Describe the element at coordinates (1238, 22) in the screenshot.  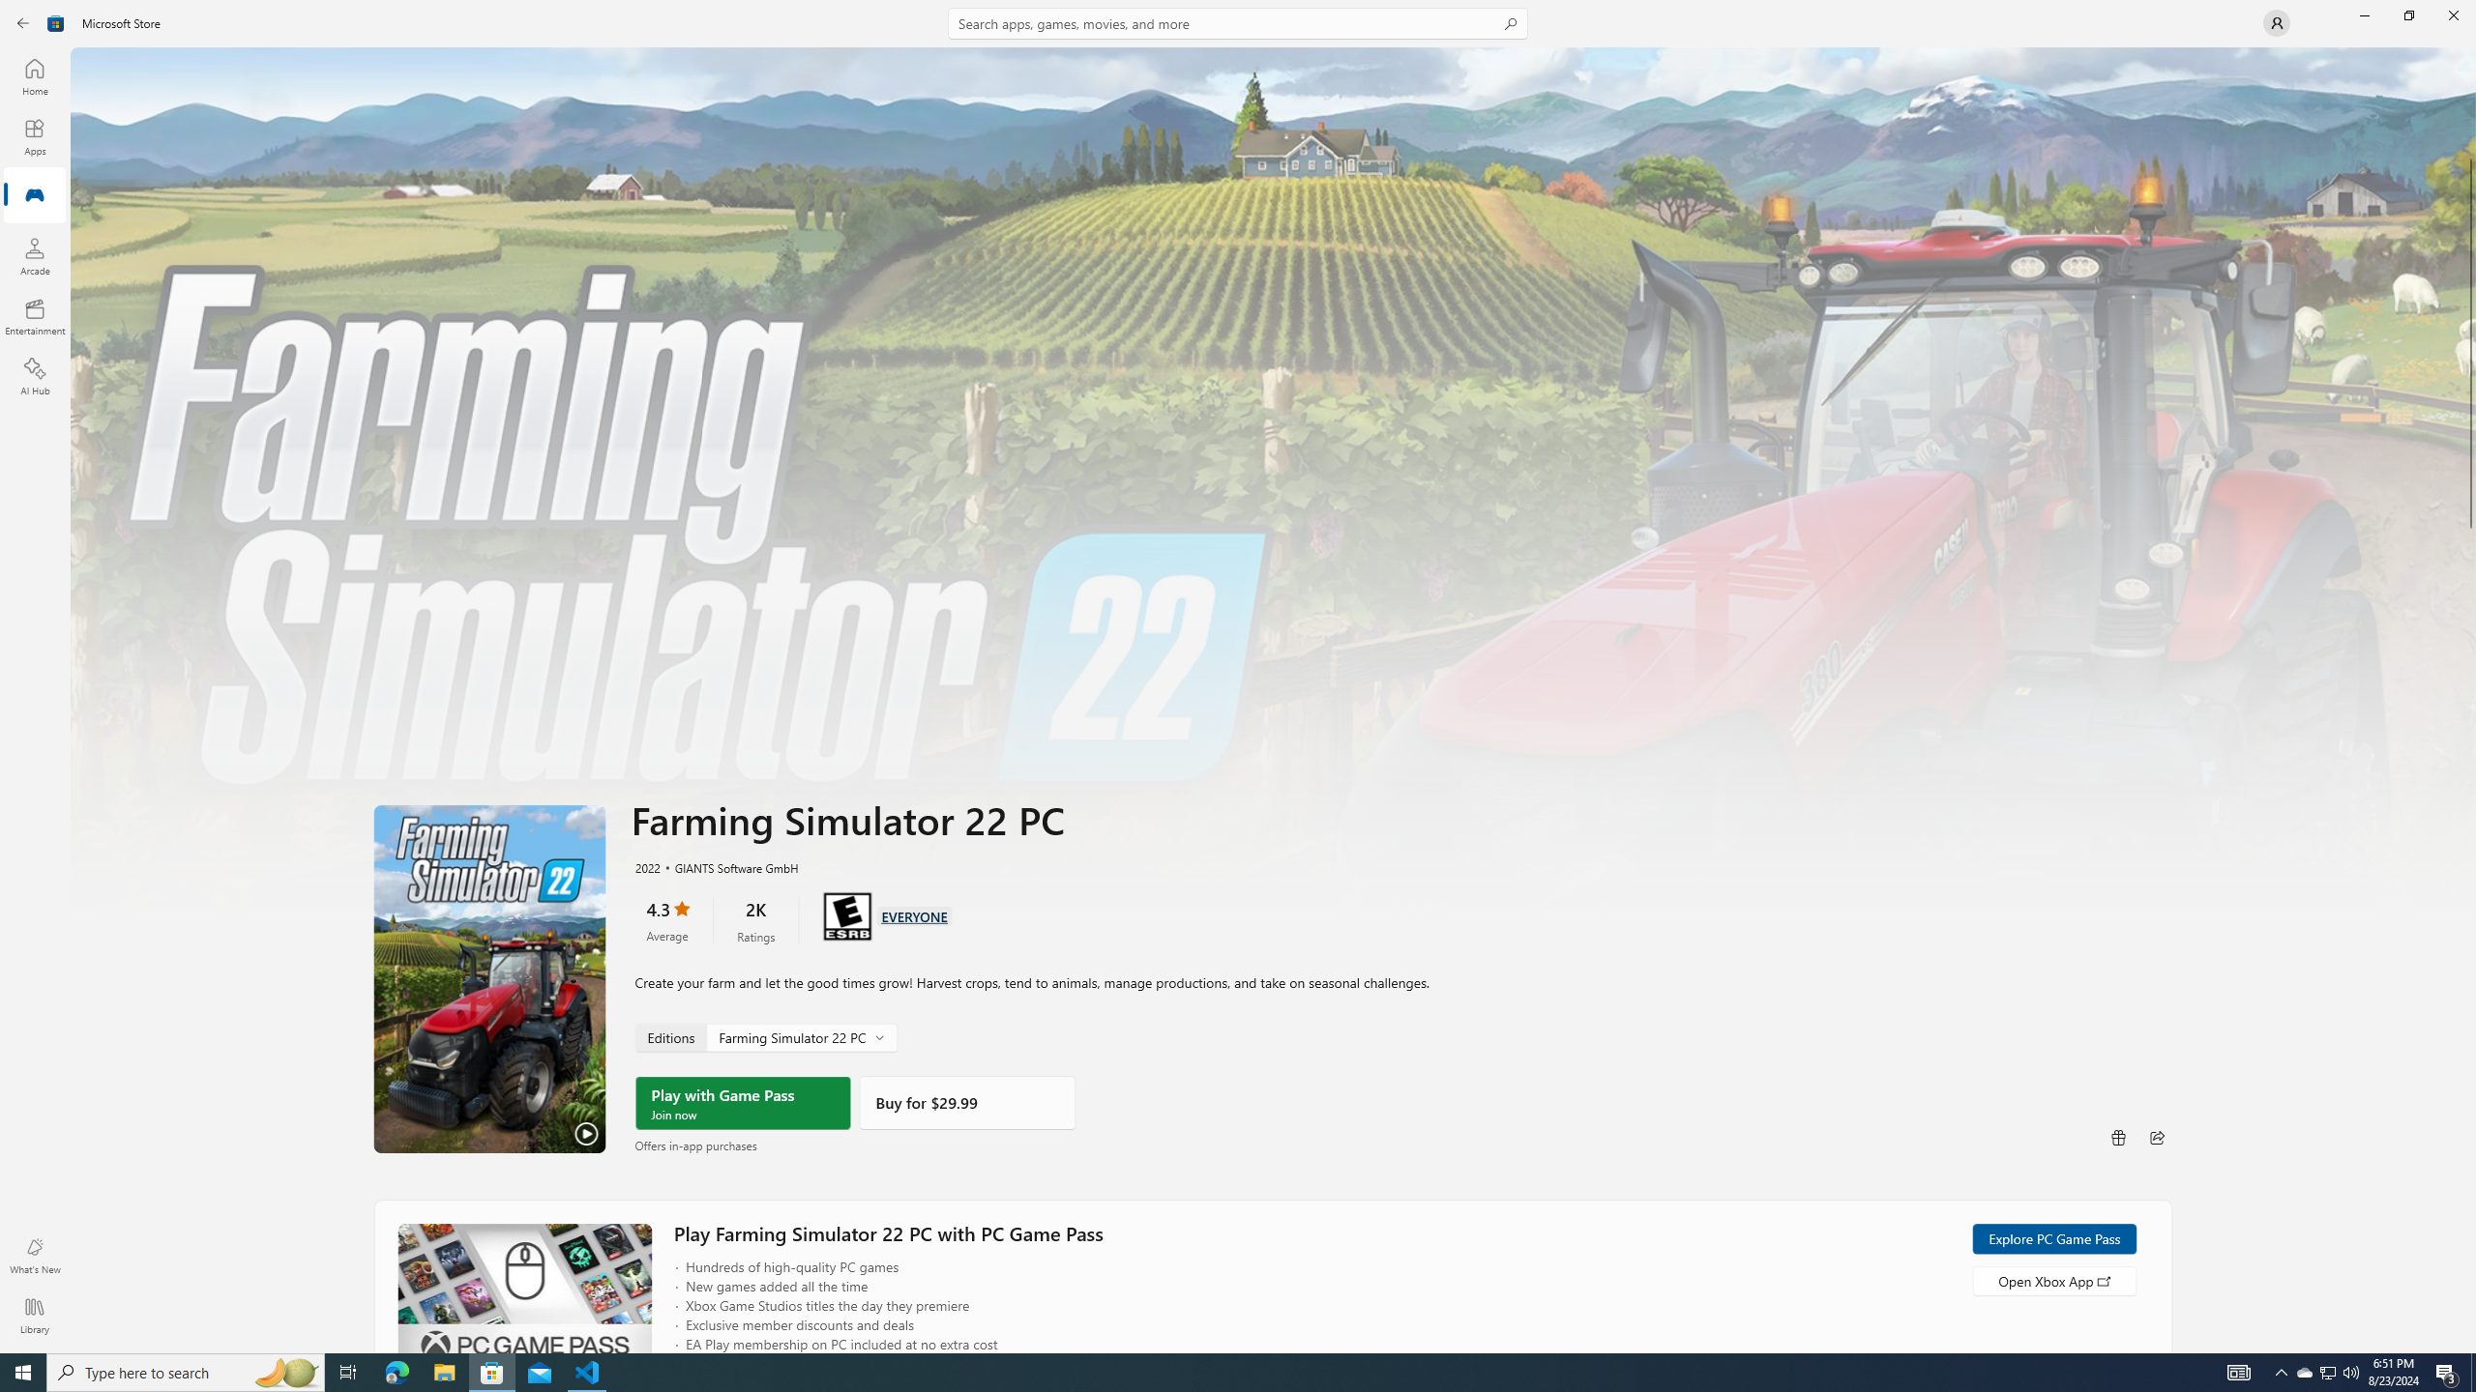
I see `'Search'` at that location.